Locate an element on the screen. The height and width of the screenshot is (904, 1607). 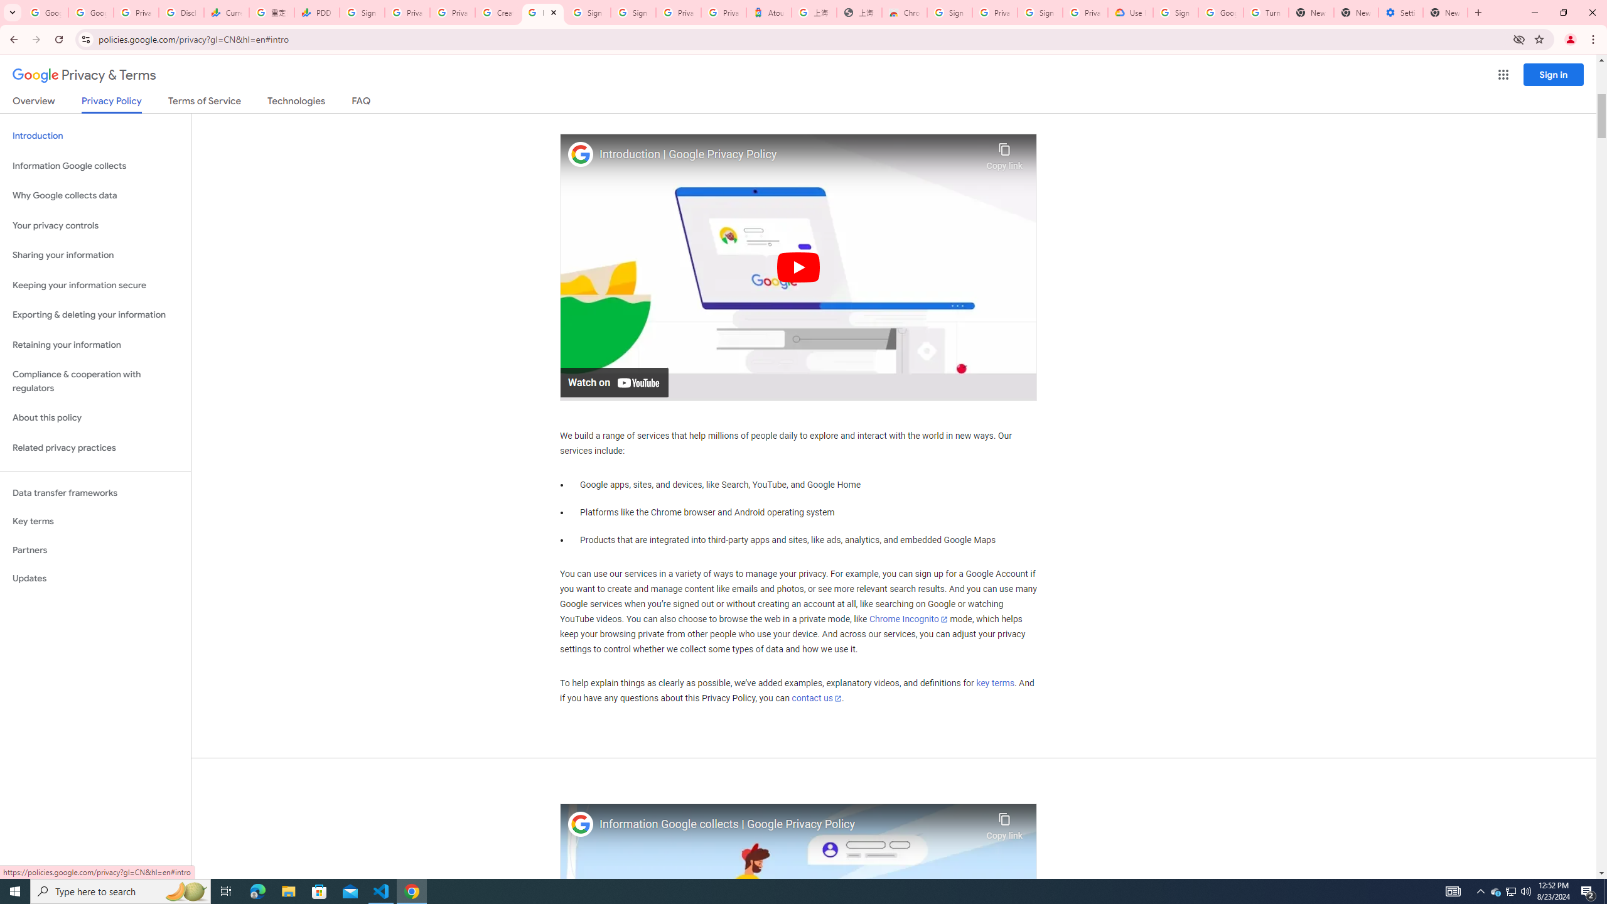
'Sign in - Google Accounts' is located at coordinates (587, 12).